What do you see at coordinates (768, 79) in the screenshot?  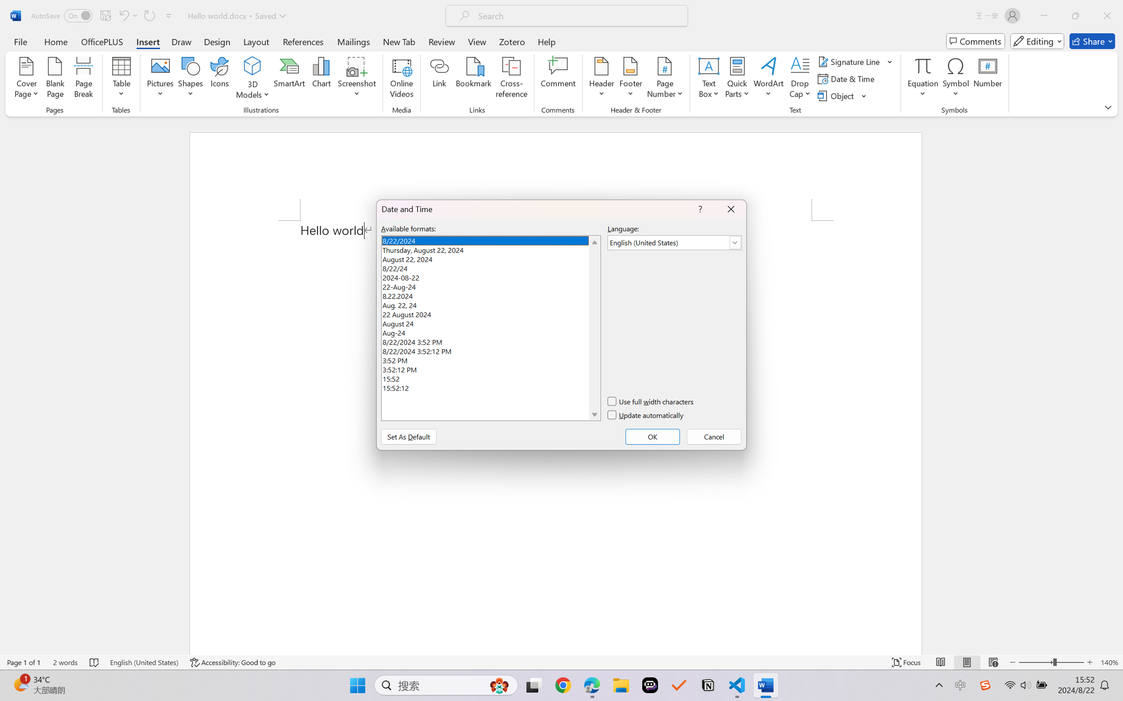 I see `'WordArt'` at bounding box center [768, 79].